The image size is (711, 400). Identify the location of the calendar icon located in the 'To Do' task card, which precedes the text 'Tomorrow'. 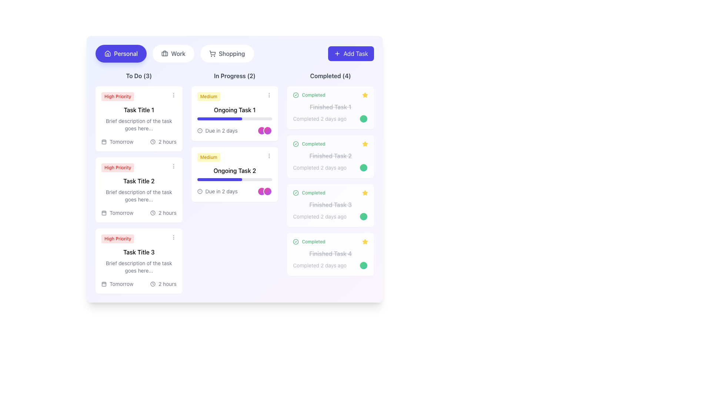
(104, 213).